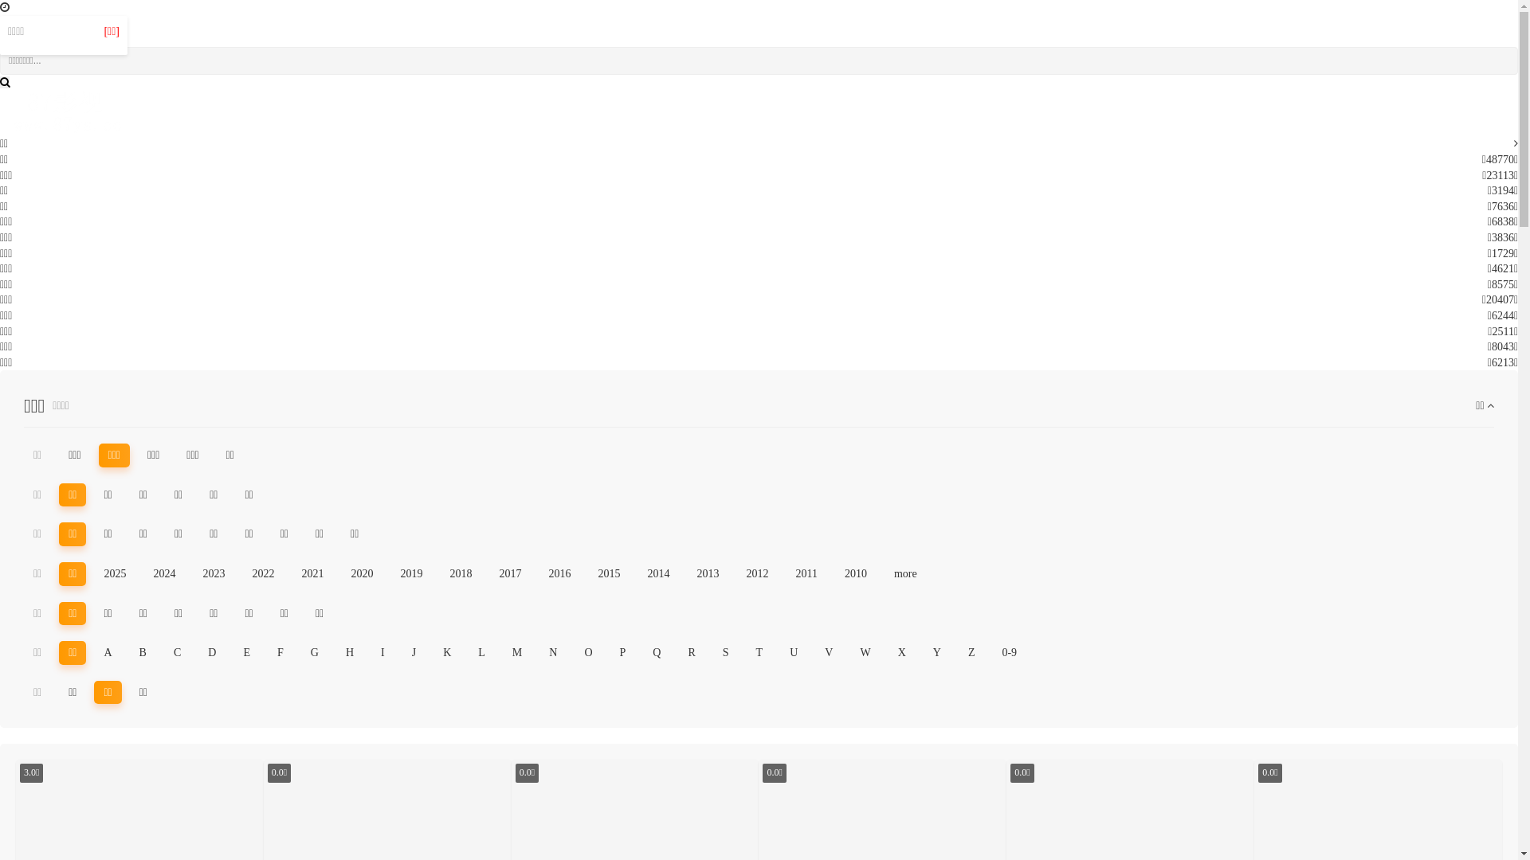 The image size is (1530, 860). What do you see at coordinates (213, 574) in the screenshot?
I see `'2023'` at bounding box center [213, 574].